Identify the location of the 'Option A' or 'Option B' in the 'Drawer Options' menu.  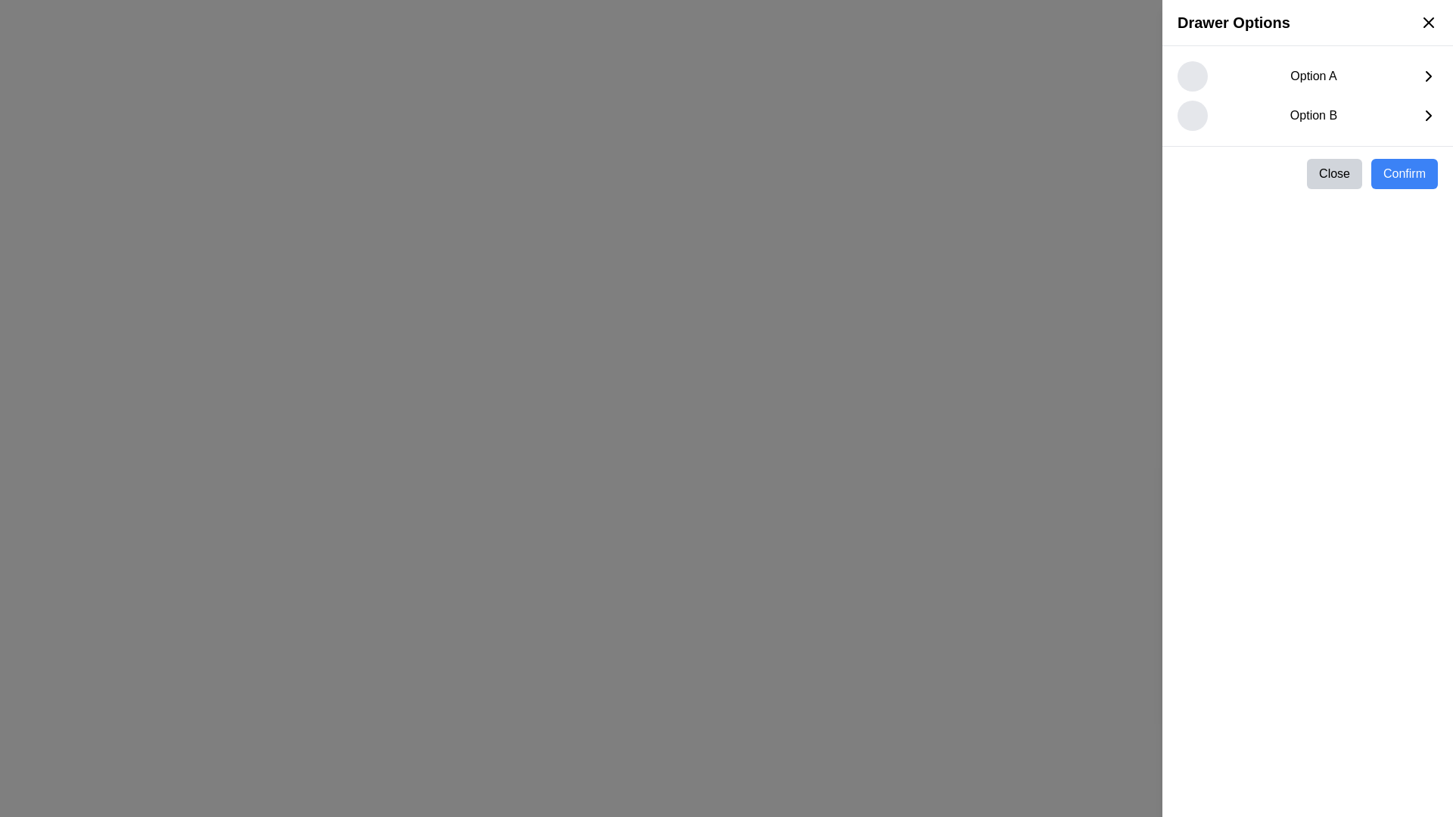
(1307, 96).